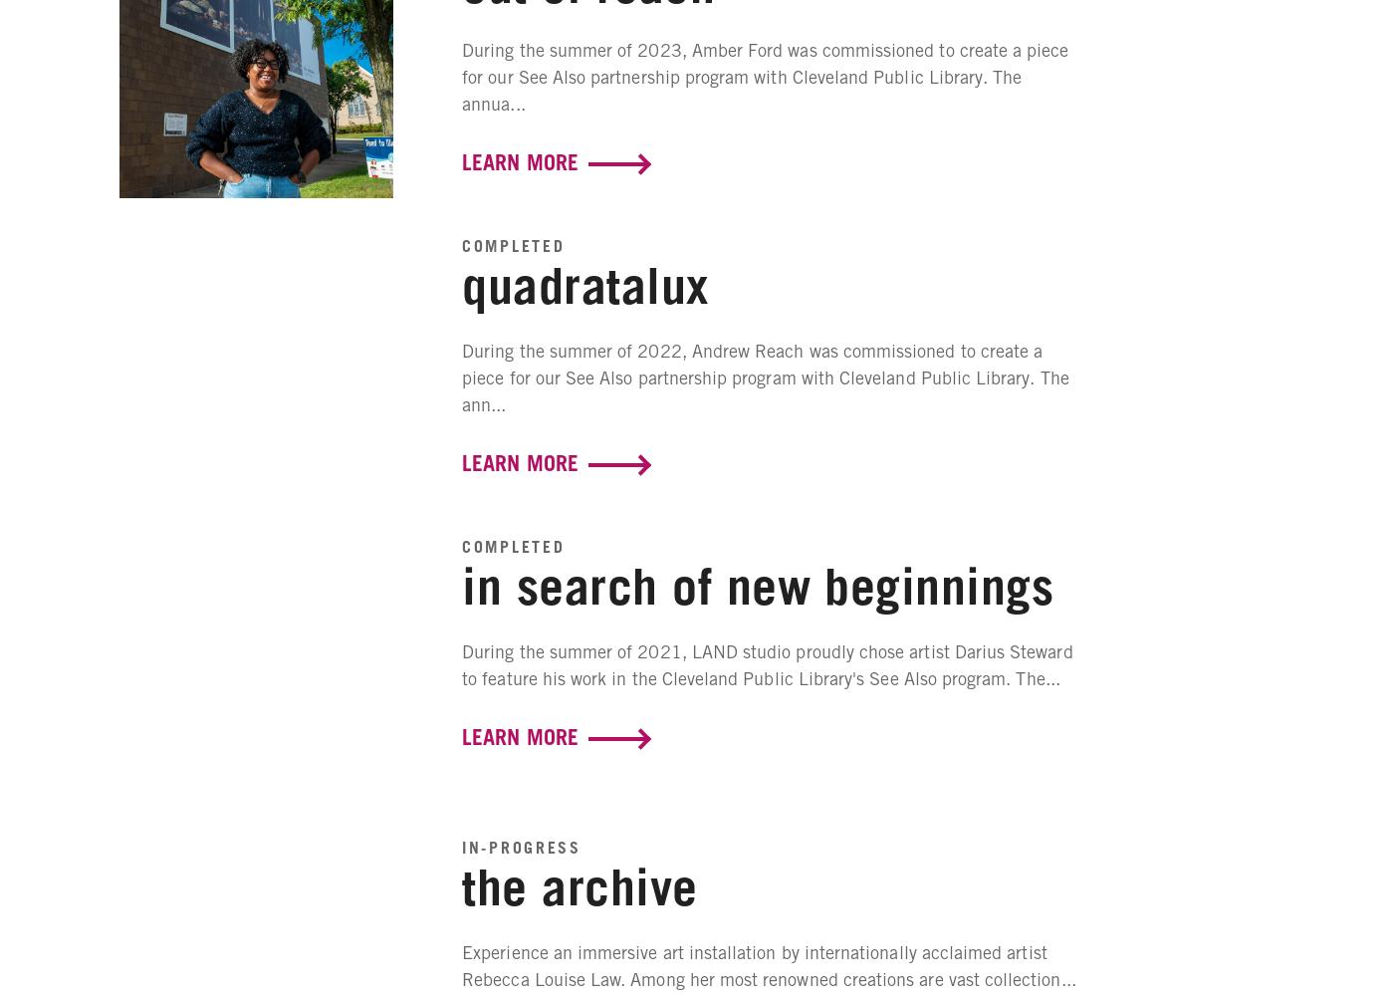  Describe the element at coordinates (461, 376) in the screenshot. I see `'During the summer of 2022, Andrew Reach was commissioned to create a piece for our See Also partnership program with Cleveland Public Library. The ann...'` at that location.